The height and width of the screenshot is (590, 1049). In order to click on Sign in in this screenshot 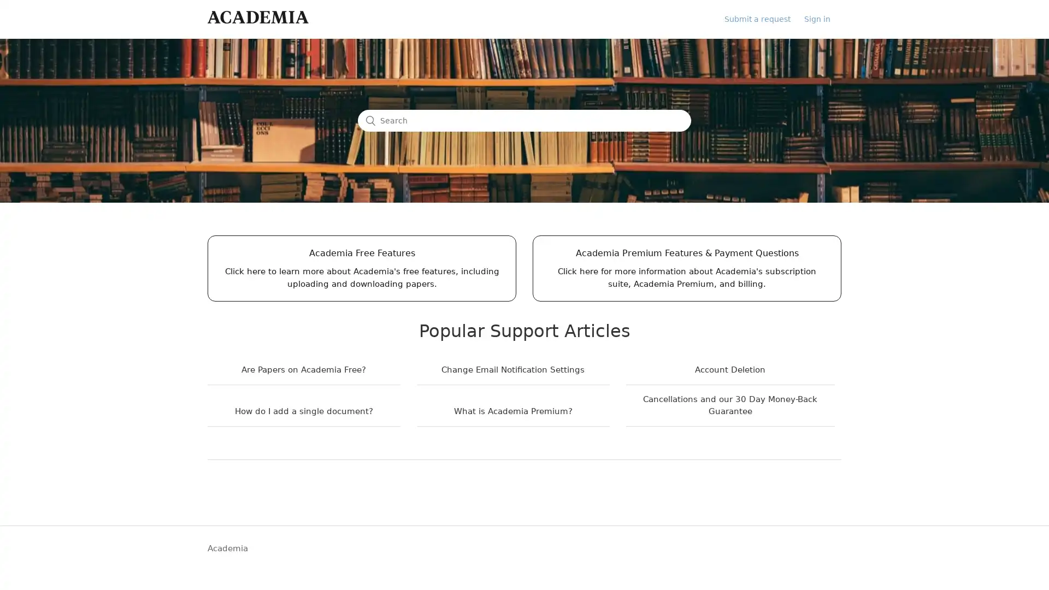, I will do `click(823, 19)`.